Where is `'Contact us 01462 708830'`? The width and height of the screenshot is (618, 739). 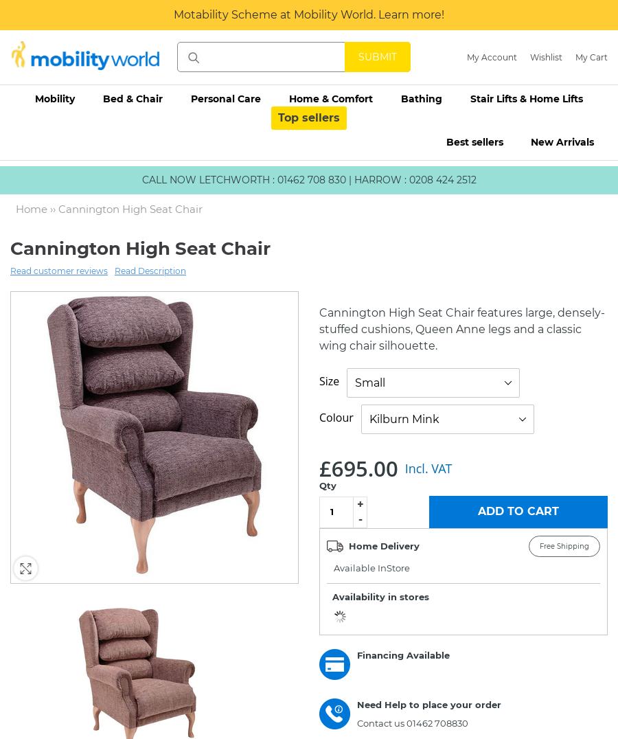
'Contact us 01462 708830' is located at coordinates (413, 723).